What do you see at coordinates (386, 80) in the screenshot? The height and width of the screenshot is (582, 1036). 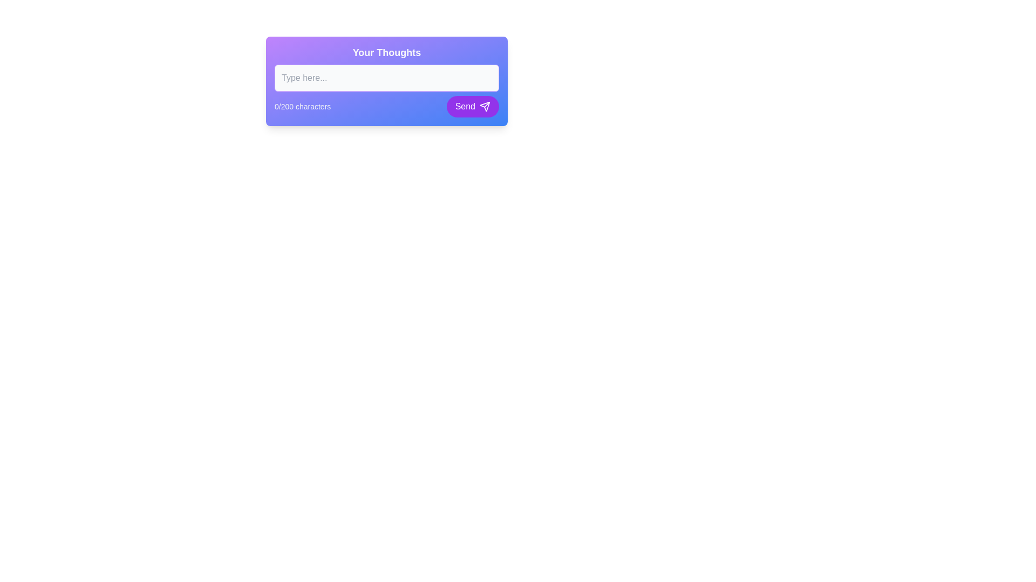 I see `the input box labeled 'Your Thoughts' in the composite component with a gradient background and rounded corners` at bounding box center [386, 80].